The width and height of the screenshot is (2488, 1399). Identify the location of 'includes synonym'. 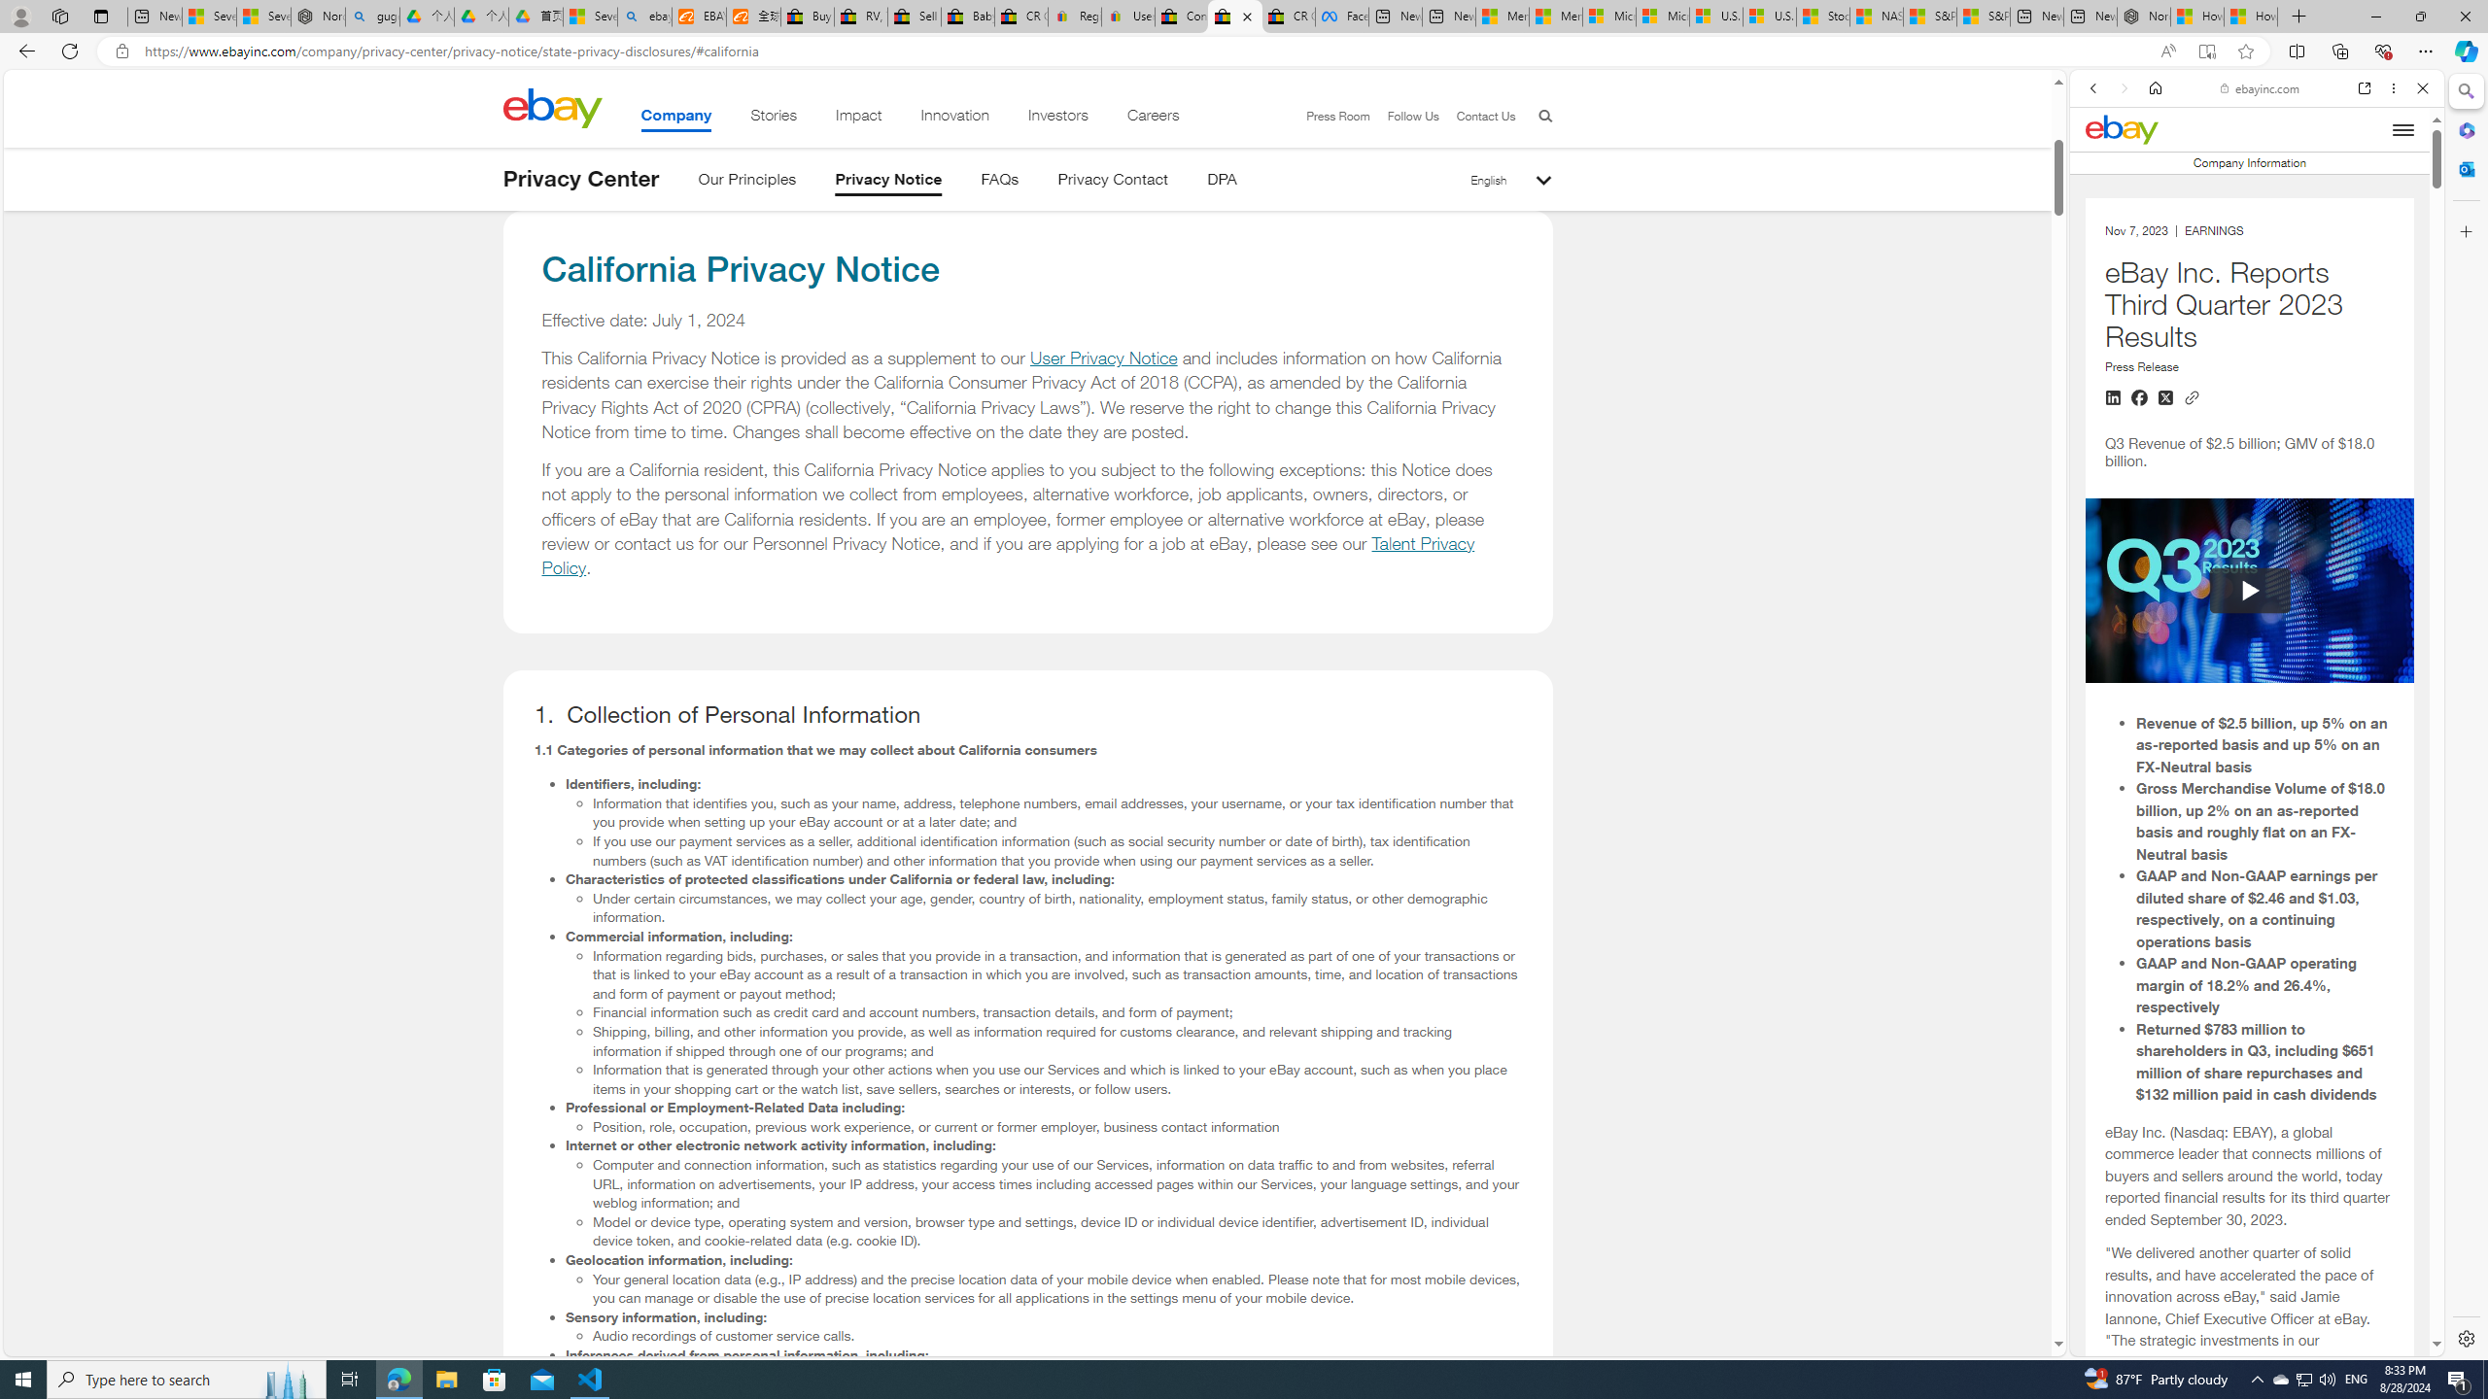
(2249, 1311).